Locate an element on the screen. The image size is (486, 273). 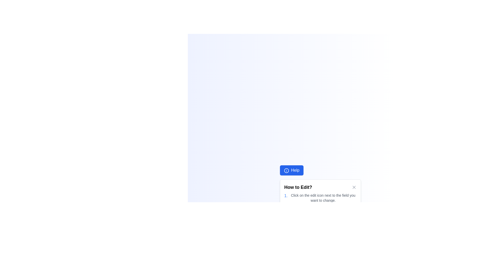
instructional text located at the bottom-right corner of the pop-up help section, which guides users on the first step in editing a field by interacting with an edit icon is located at coordinates (320, 198).